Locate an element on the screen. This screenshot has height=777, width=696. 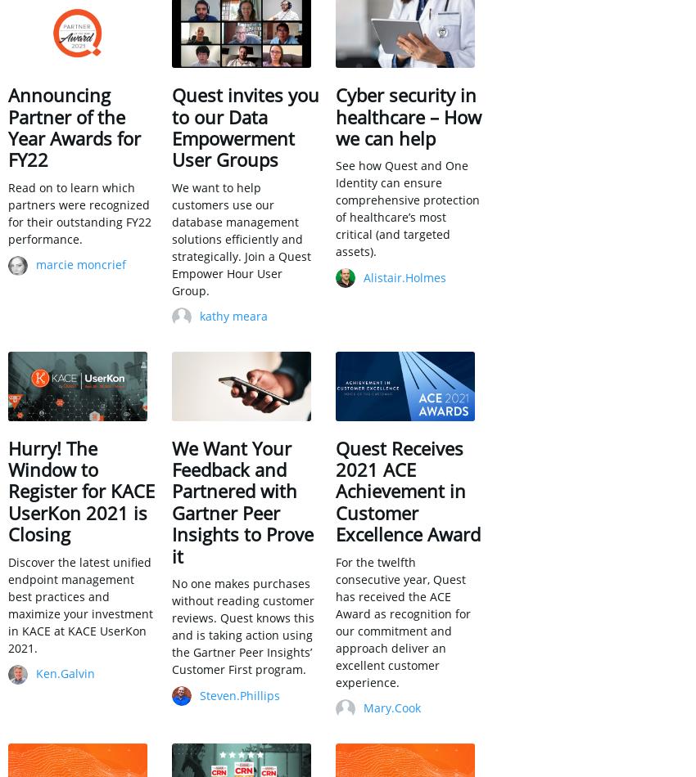
'Alistair.Holmes' is located at coordinates (404, 276).